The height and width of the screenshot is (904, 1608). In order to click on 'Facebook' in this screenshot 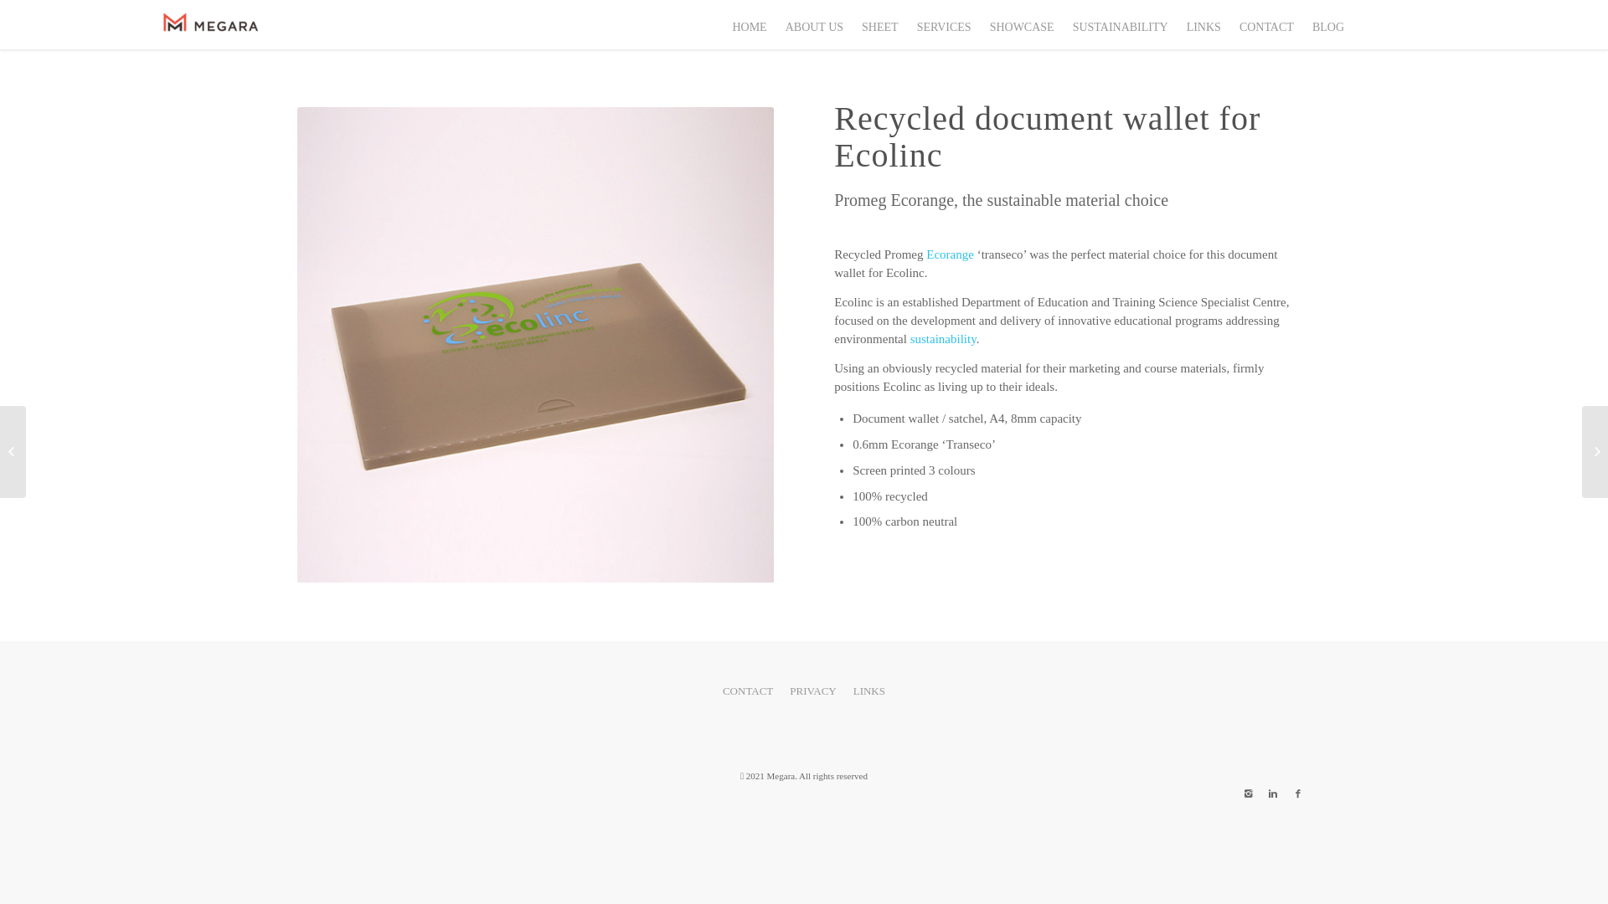, I will do `click(1297, 793)`.